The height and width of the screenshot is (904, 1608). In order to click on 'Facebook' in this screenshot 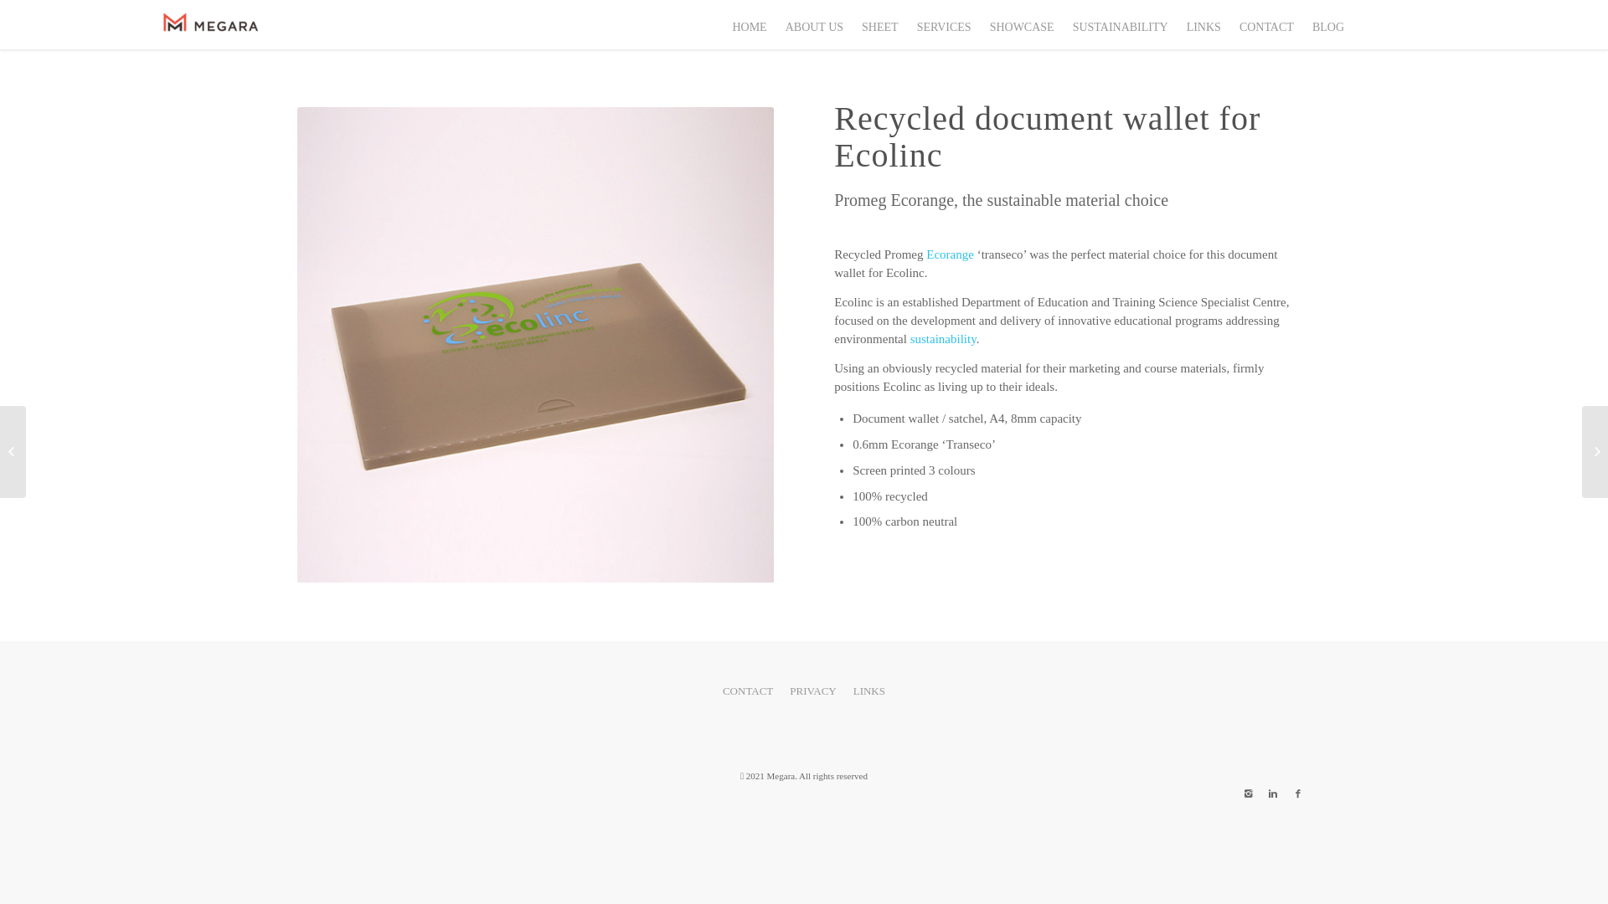, I will do `click(1297, 793)`.